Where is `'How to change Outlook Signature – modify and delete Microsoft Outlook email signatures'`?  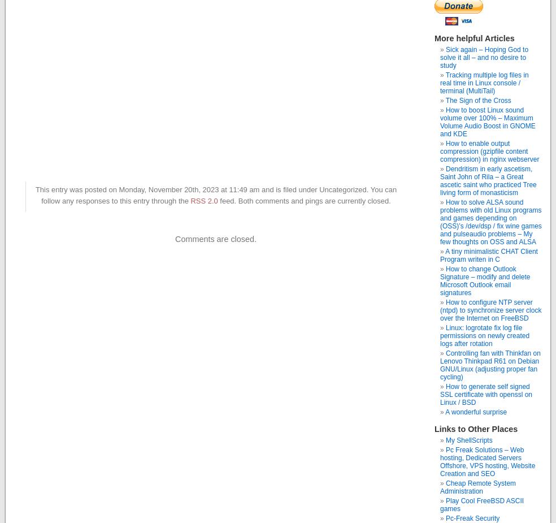
'How to change Outlook Signature – modify and delete Microsoft Outlook email signatures' is located at coordinates (440, 281).